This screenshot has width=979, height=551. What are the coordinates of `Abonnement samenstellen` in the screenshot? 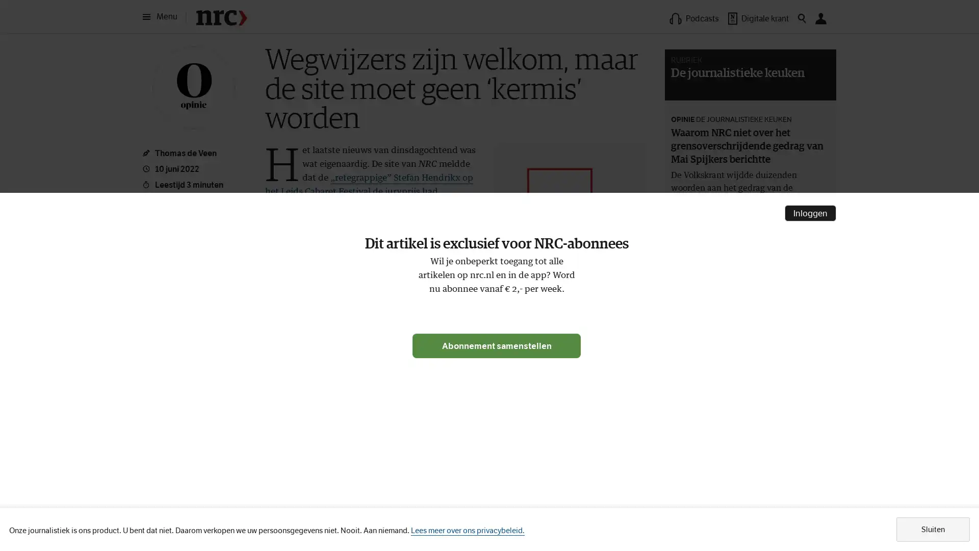 It's located at (497, 345).